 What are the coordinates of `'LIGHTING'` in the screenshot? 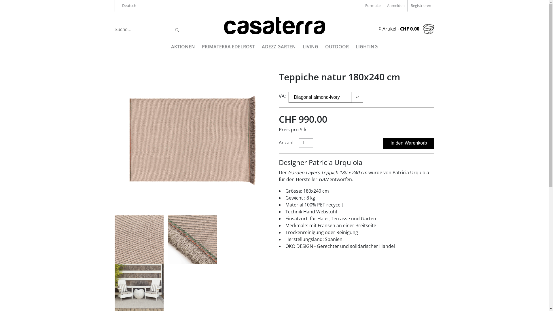 It's located at (366, 46).